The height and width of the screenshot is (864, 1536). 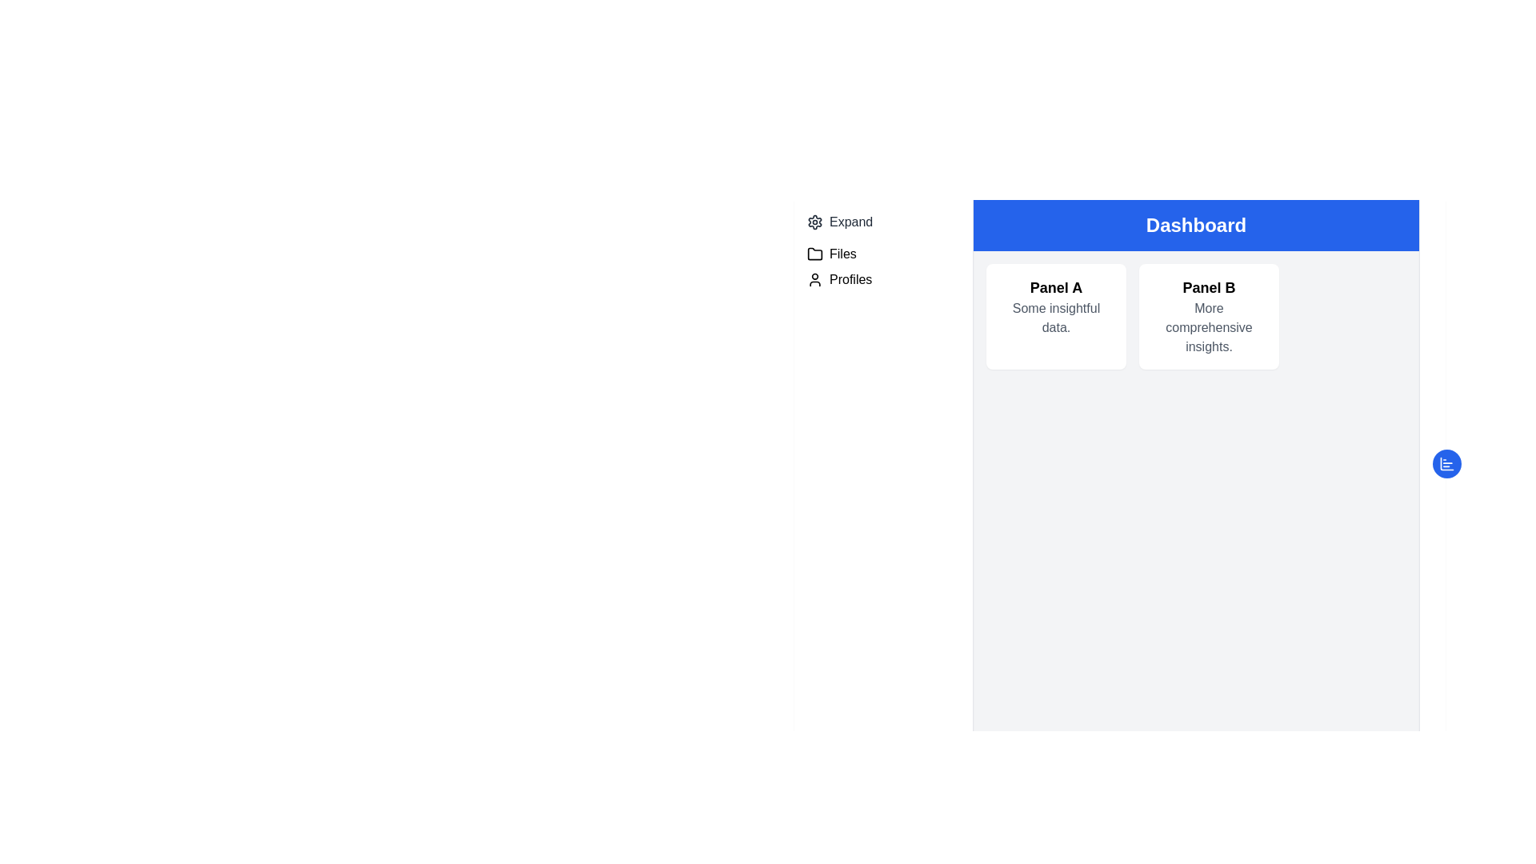 I want to click on the 'Profiles' text label located in the left-hand side panel under the user icon, so click(x=850, y=279).